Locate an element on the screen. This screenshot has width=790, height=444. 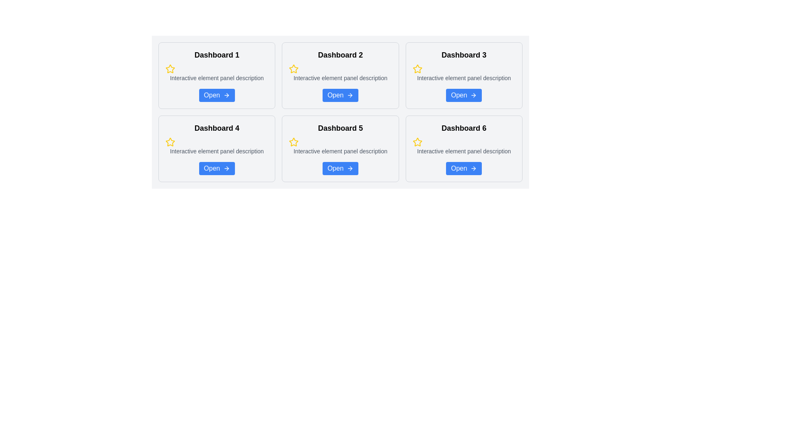
the star icon in the 'Dashboard 3' card is located at coordinates (417, 68).